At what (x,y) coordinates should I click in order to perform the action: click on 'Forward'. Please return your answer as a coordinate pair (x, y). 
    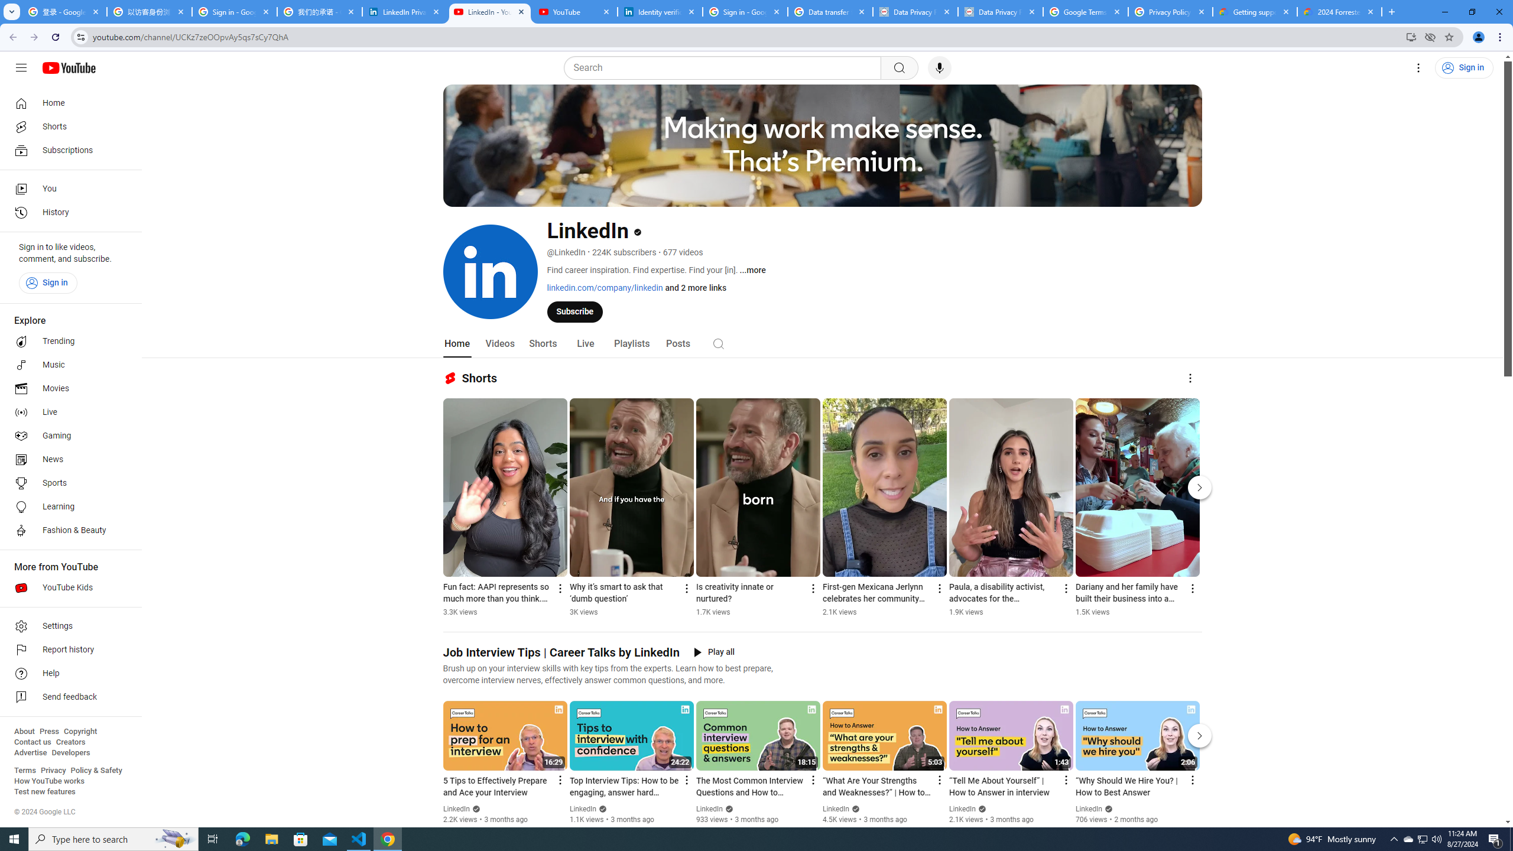
    Looking at the image, I should click on (34, 37).